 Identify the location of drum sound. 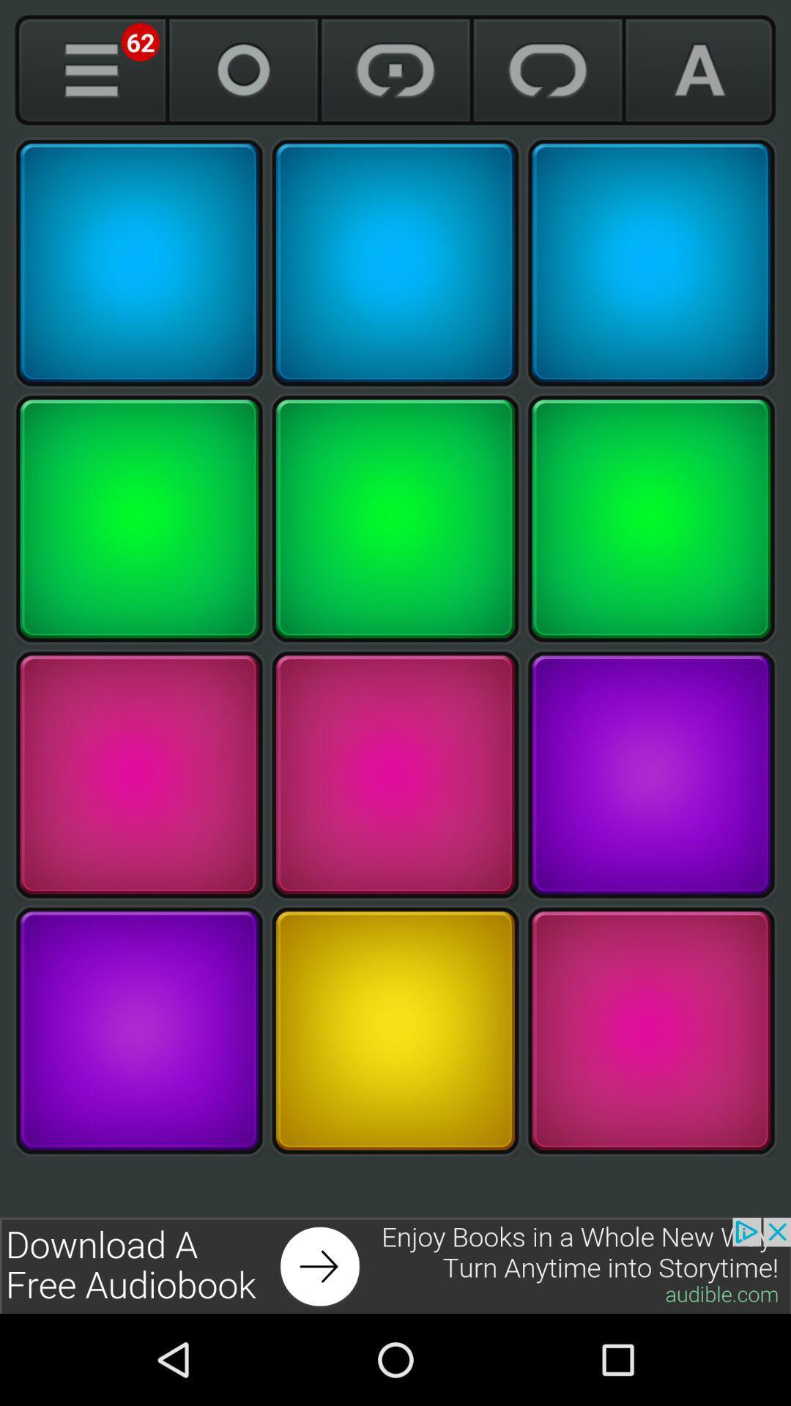
(395, 518).